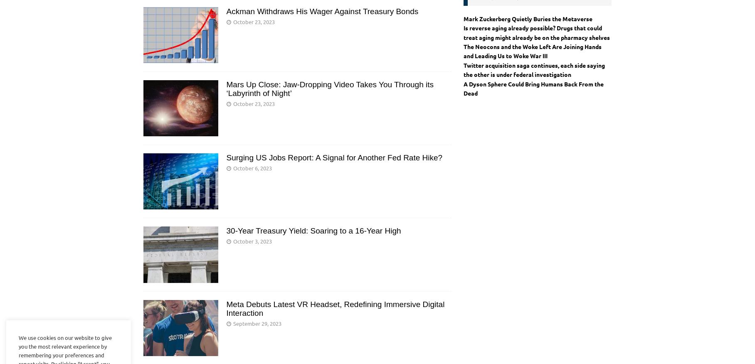 Image resolution: width=755 pixels, height=364 pixels. What do you see at coordinates (322, 10) in the screenshot?
I see `'Ackman Withdraws His Wager Against Treasury Bonds'` at bounding box center [322, 10].